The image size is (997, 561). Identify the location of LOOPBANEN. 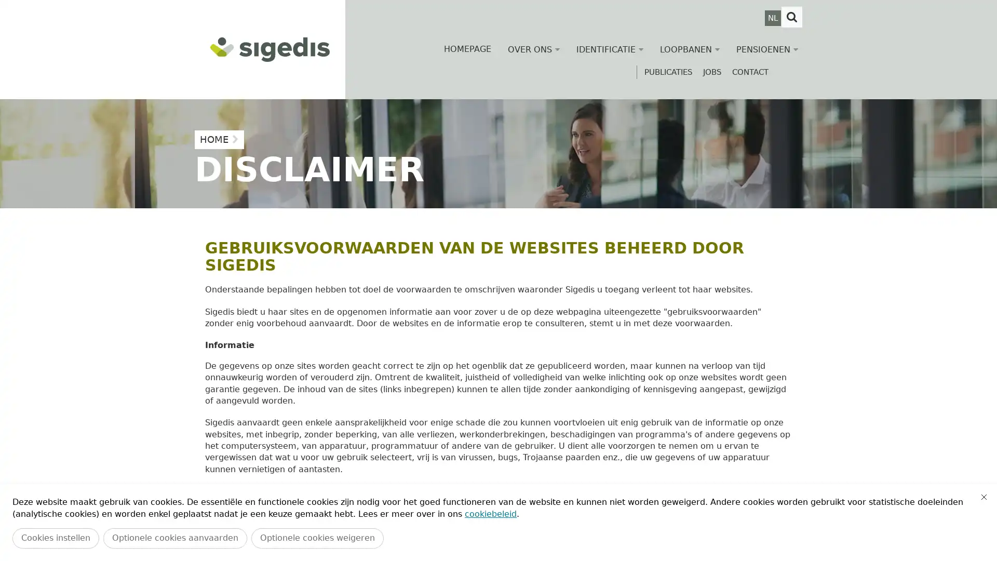
(690, 49).